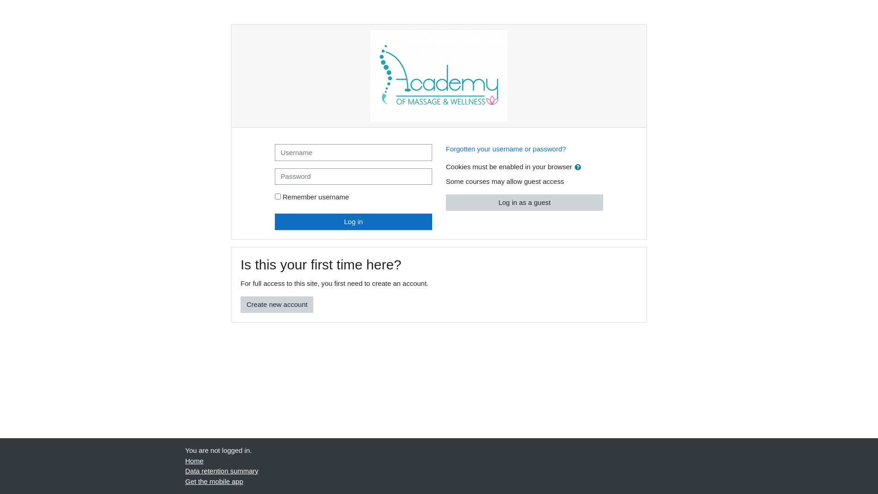  What do you see at coordinates (276, 305) in the screenshot?
I see `'Create new account'` at bounding box center [276, 305].